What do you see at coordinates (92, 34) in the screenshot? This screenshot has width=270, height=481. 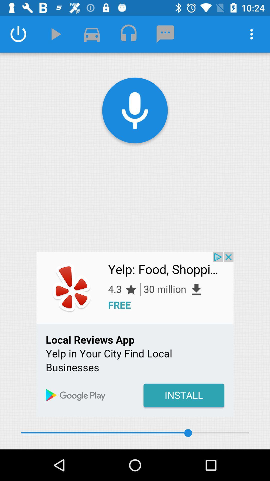 I see `the chat icon` at bounding box center [92, 34].